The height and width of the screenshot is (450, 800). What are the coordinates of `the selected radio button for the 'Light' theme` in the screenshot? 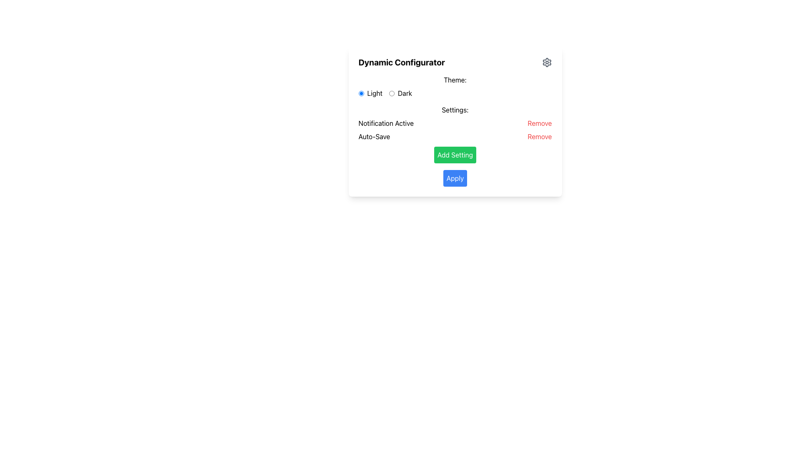 It's located at (361, 93).